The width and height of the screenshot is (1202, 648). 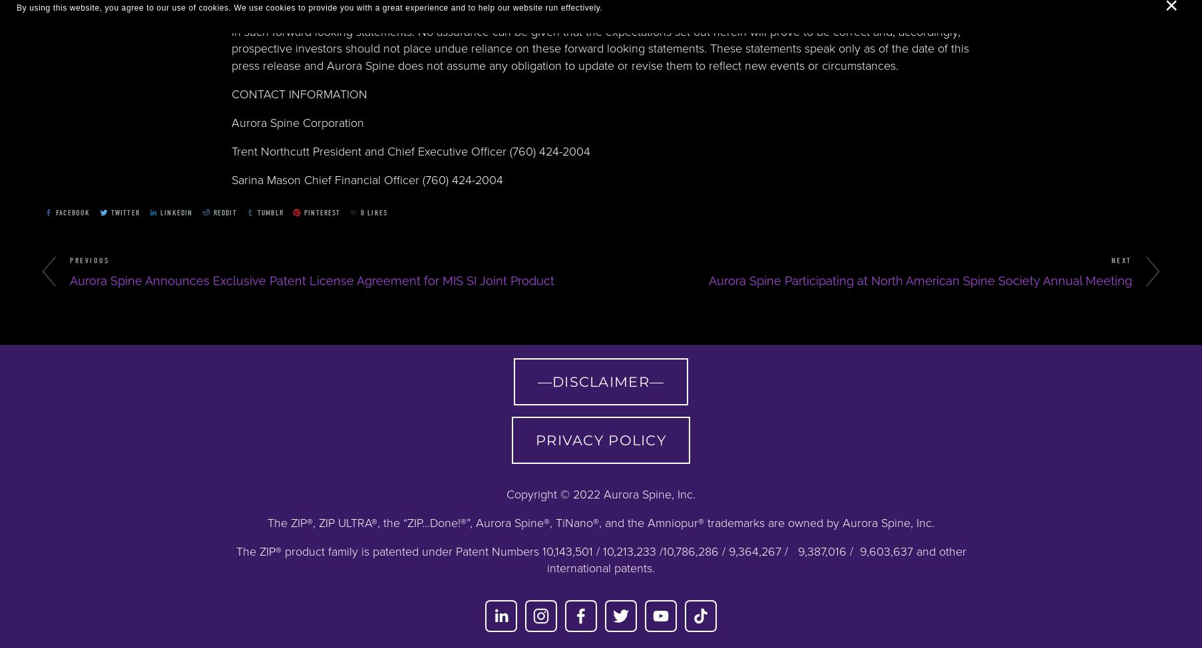 I want to click on 'Facebook', so click(x=73, y=211).